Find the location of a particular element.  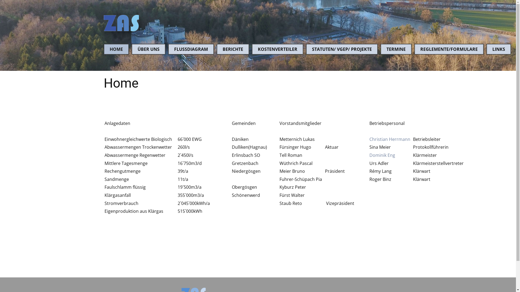

'KOSTENVERTEILER' is located at coordinates (278, 49).